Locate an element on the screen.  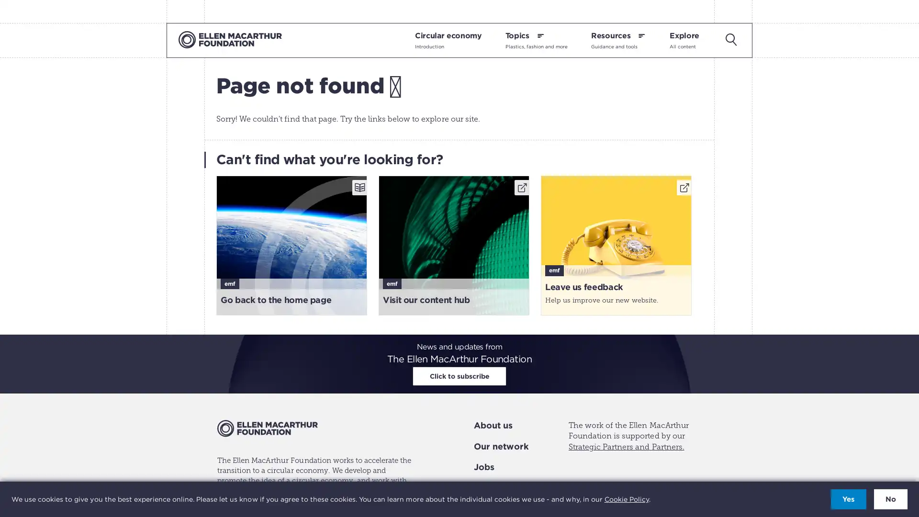
Accept cookies is located at coordinates (848, 498).